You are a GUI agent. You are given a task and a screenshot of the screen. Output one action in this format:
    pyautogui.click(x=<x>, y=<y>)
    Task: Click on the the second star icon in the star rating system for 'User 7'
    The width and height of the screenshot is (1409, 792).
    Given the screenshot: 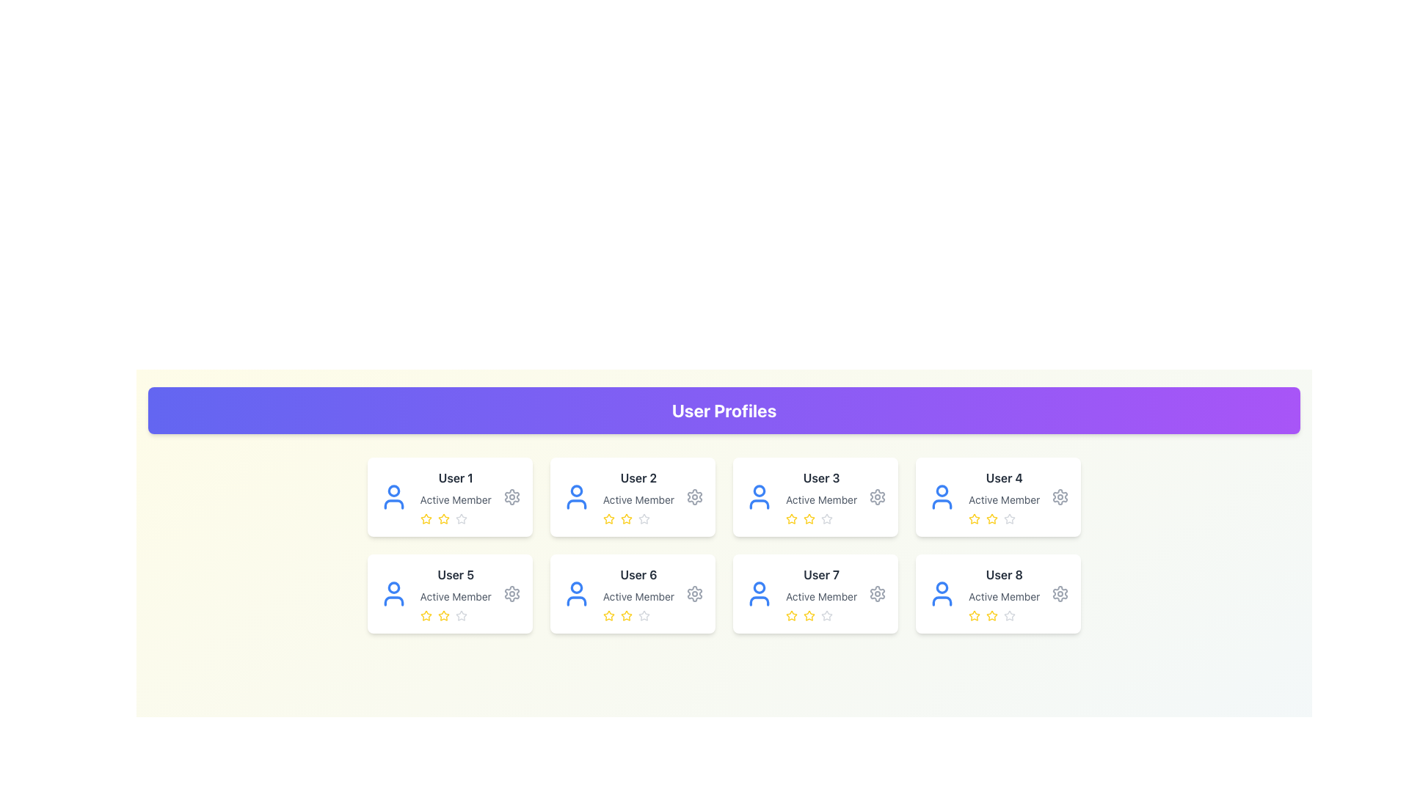 What is the action you would take?
    pyautogui.click(x=809, y=616)
    